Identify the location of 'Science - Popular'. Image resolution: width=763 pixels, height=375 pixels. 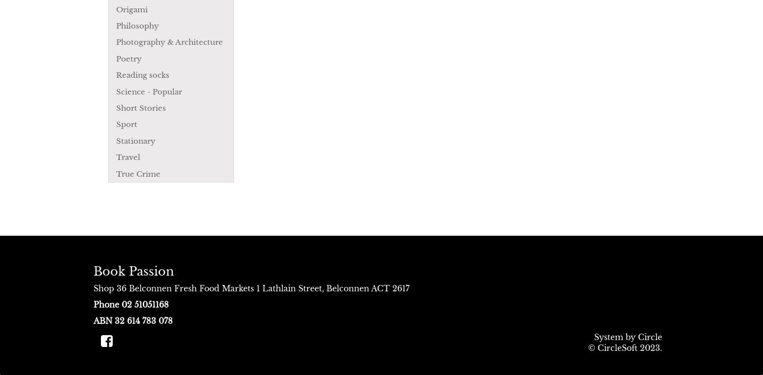
(149, 91).